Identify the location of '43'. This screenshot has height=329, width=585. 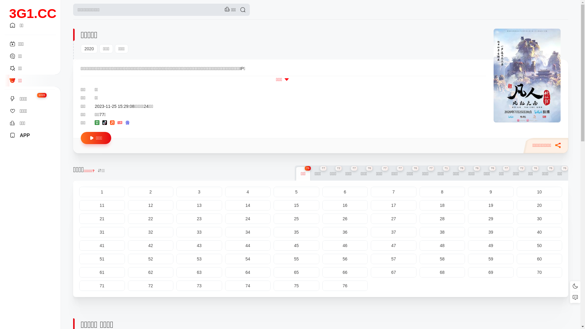
(176, 245).